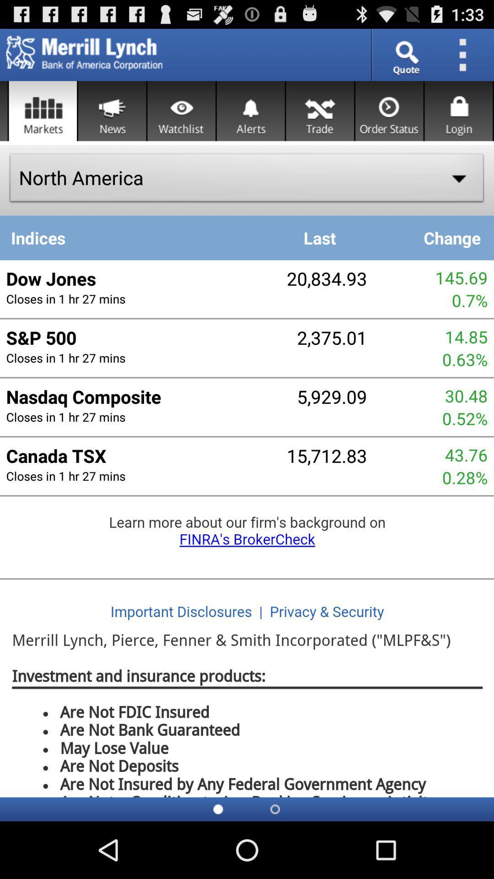  I want to click on the search icon, so click(404, 58).